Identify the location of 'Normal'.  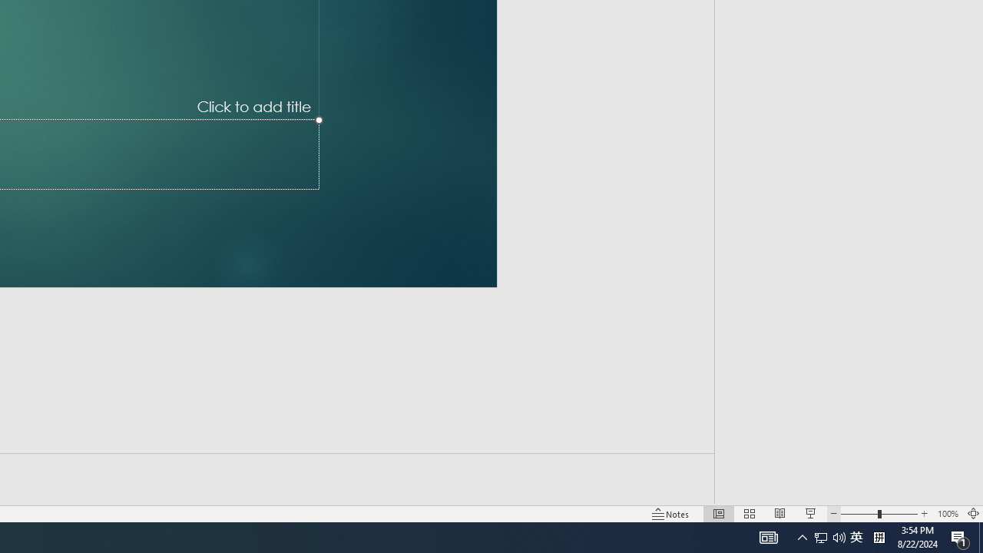
(718, 514).